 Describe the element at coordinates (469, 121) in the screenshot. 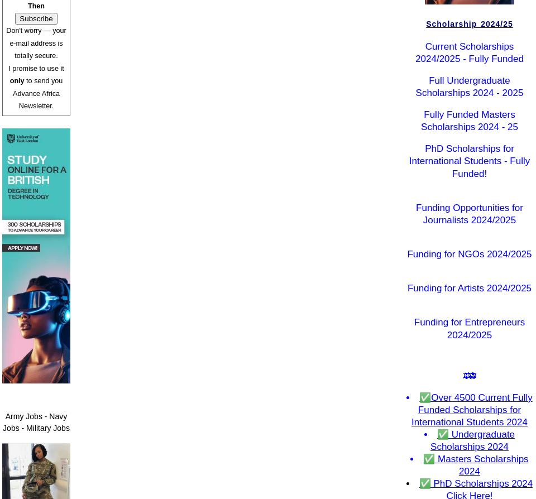

I see `'Fully Funded Masters Scholarships 2024 - 25'` at that location.